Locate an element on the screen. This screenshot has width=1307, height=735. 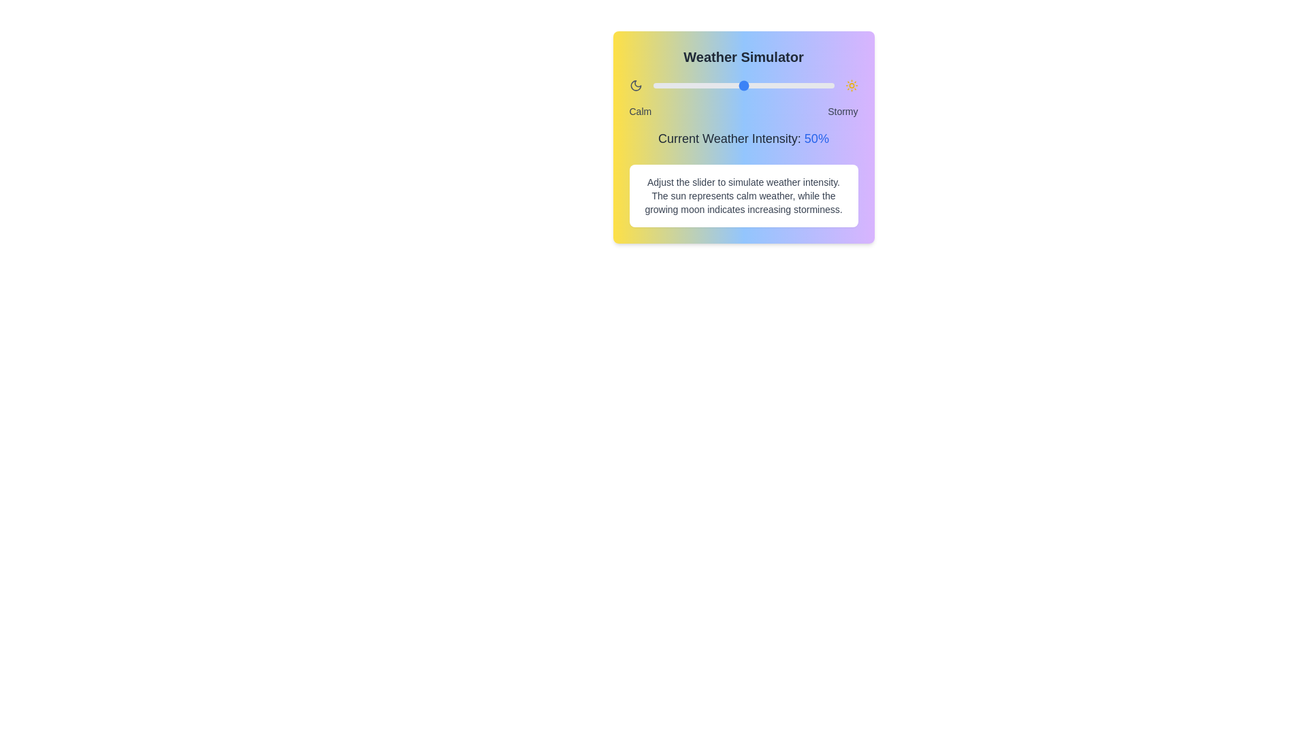
the weather intensity slider to 19% is located at coordinates (688, 86).